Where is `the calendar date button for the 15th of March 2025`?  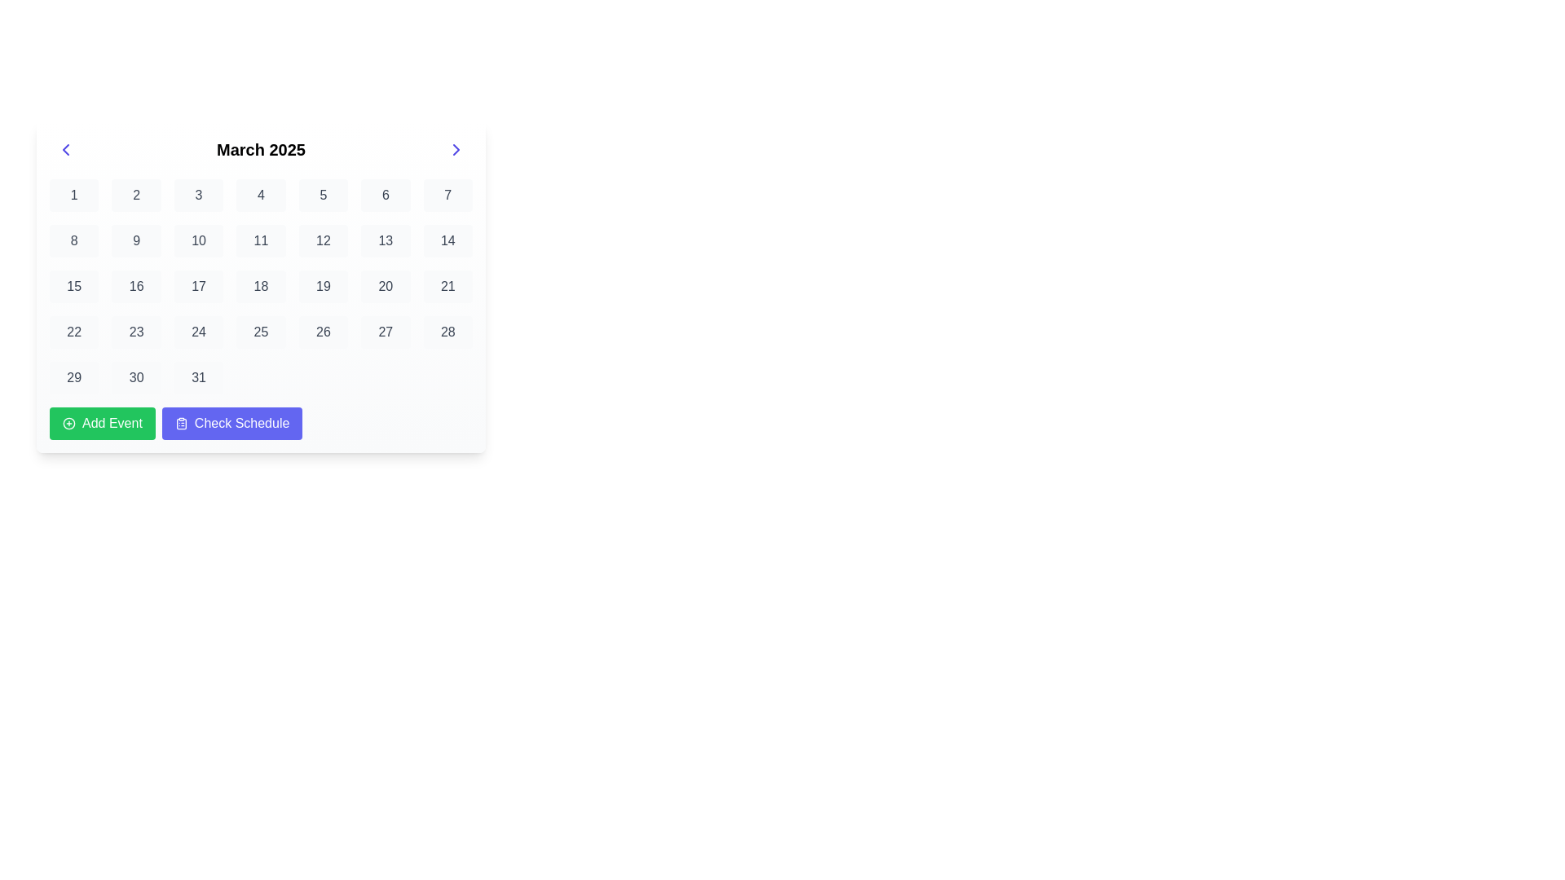 the calendar date button for the 15th of March 2025 is located at coordinates (73, 285).